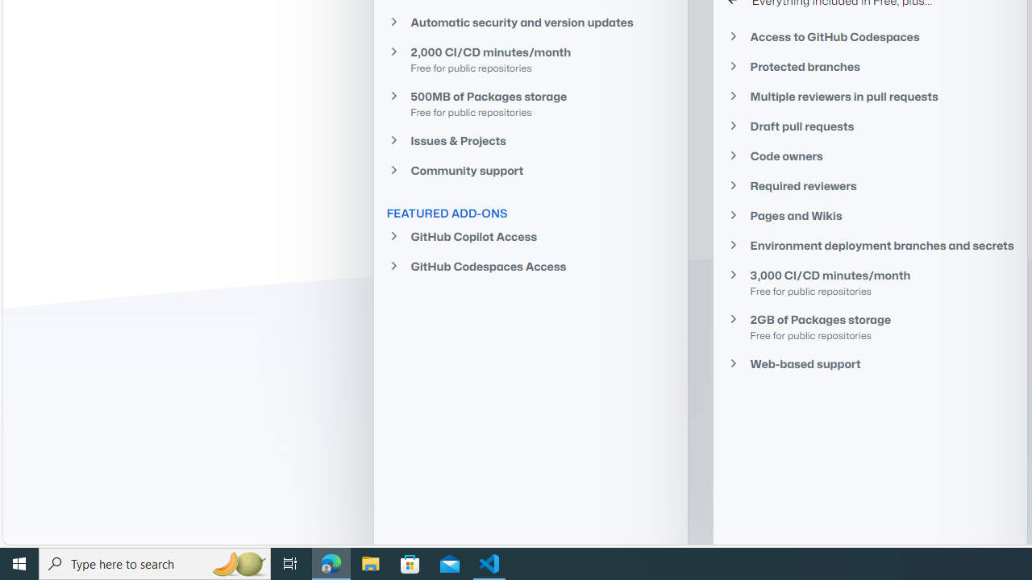  Describe the element at coordinates (530, 58) in the screenshot. I see `'2,000 CI/CD minutes/monthFree for public repositories'` at that location.